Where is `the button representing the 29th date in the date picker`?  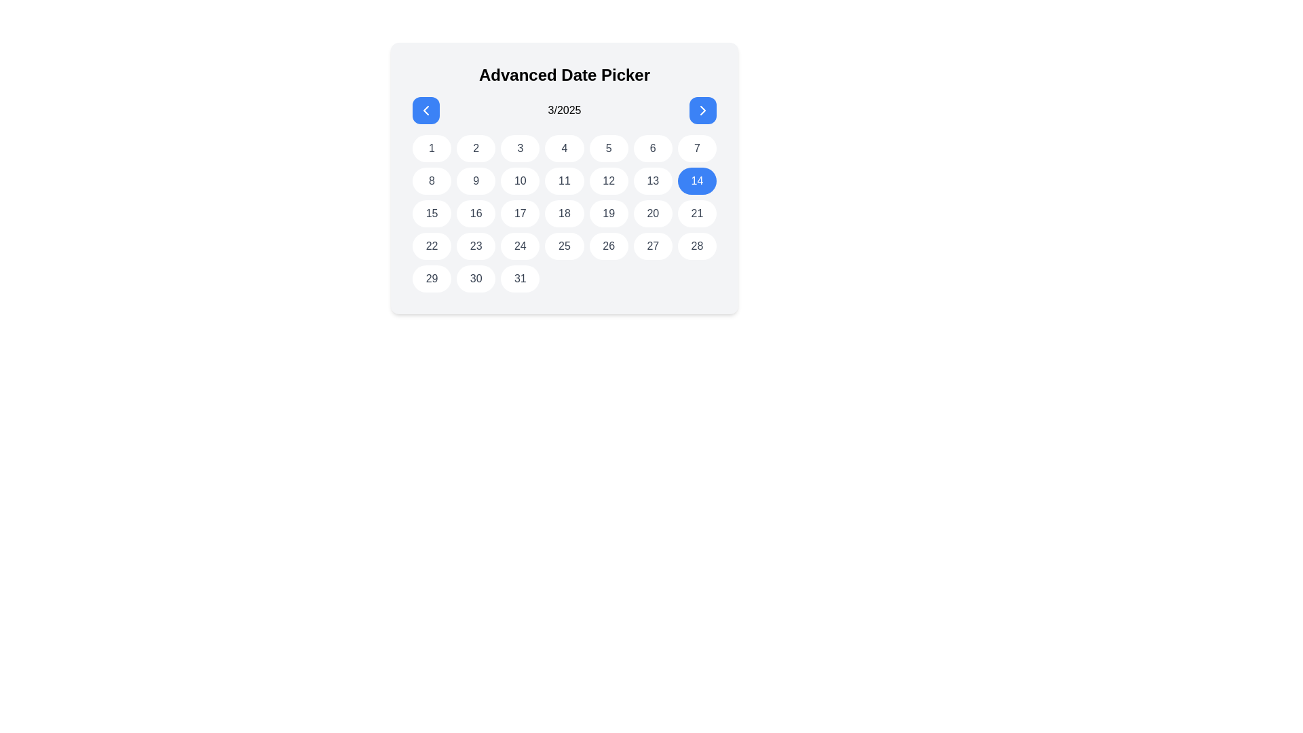 the button representing the 29th date in the date picker is located at coordinates (431, 278).